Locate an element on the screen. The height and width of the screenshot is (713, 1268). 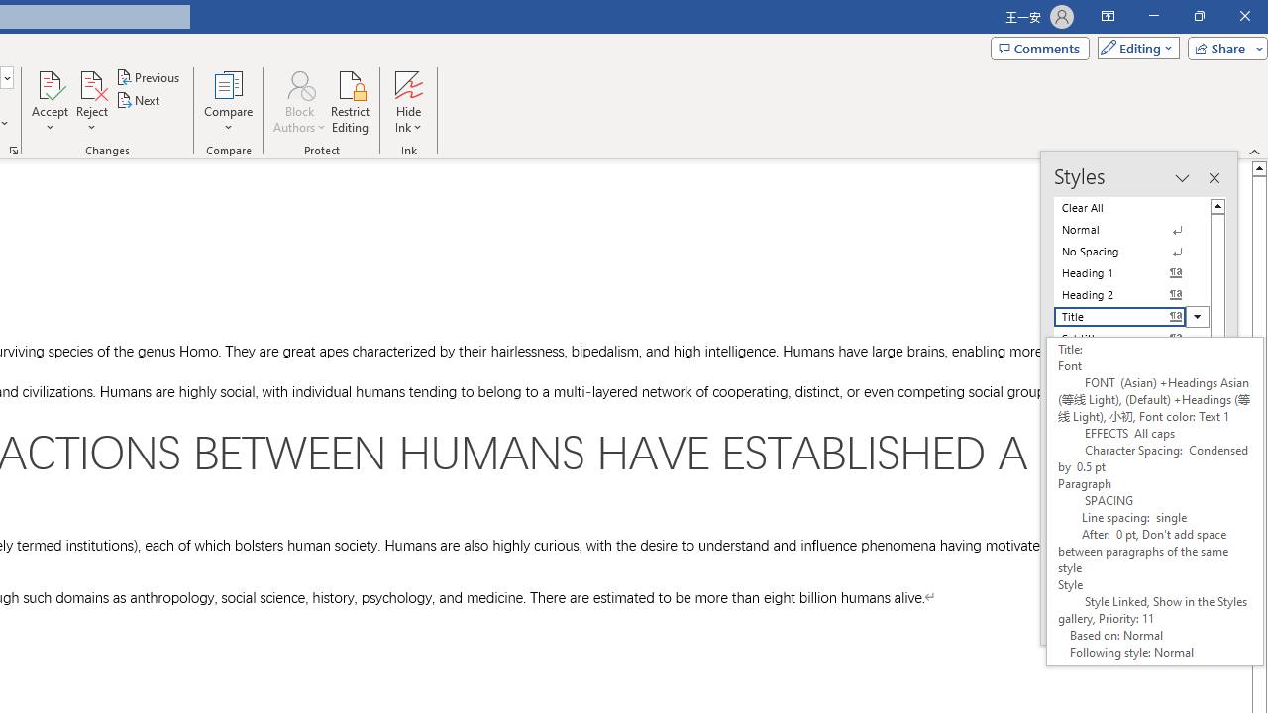
'Restrict Editing' is located at coordinates (350, 102).